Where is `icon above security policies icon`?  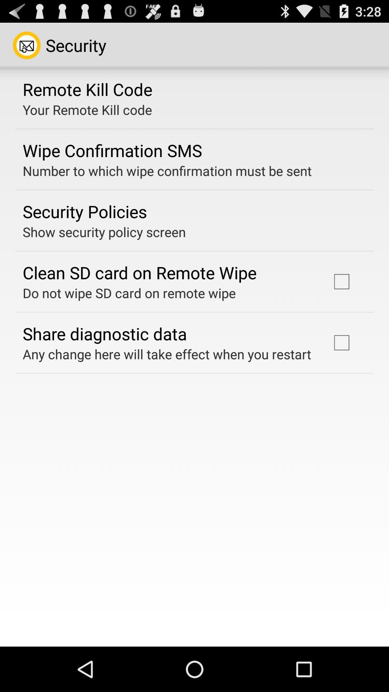
icon above security policies icon is located at coordinates (167, 170).